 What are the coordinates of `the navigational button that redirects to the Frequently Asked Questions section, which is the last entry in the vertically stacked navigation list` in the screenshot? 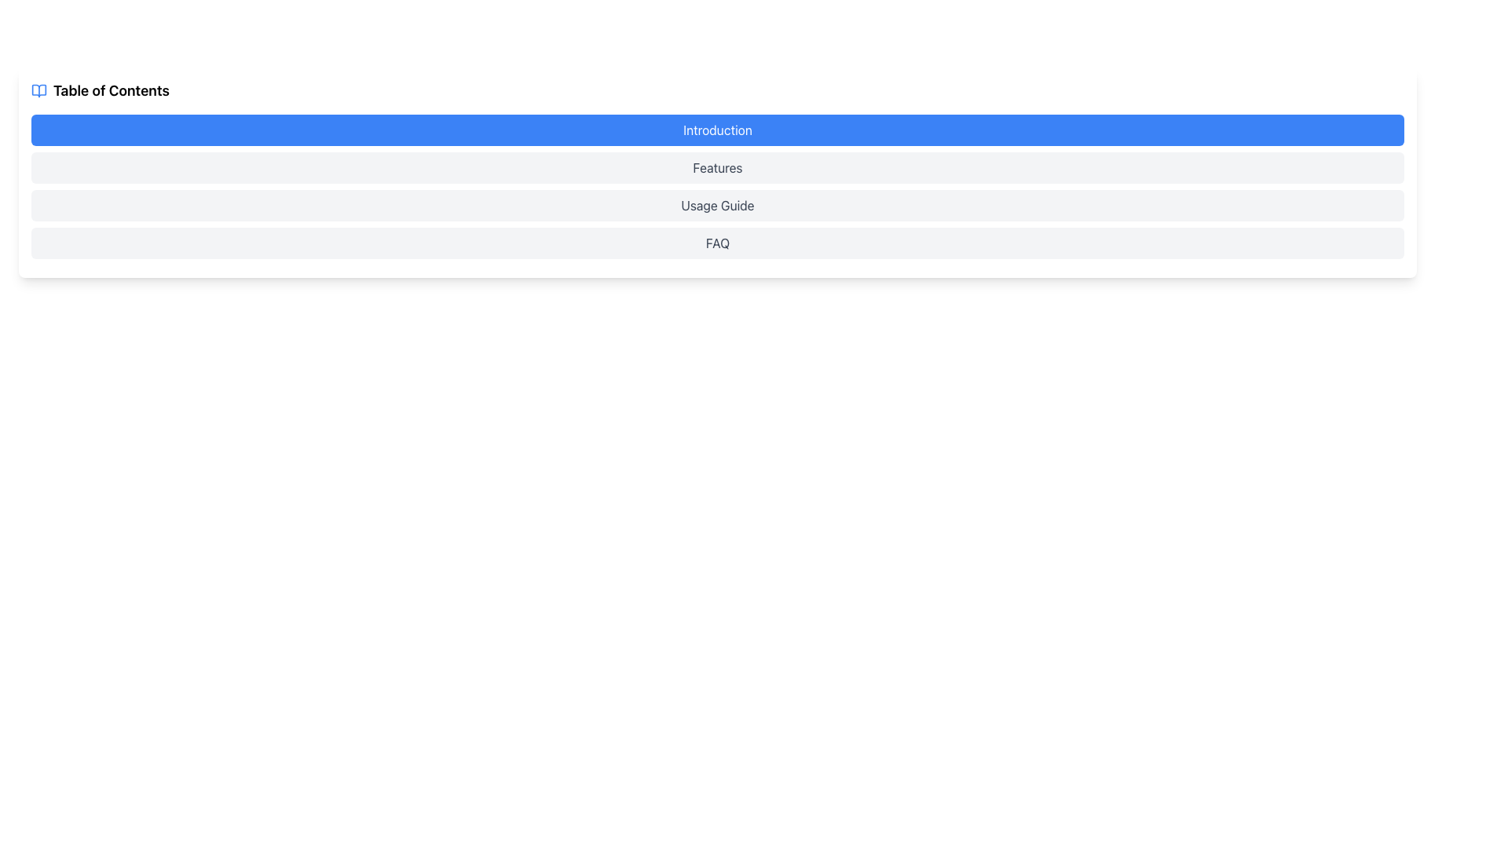 It's located at (716, 243).